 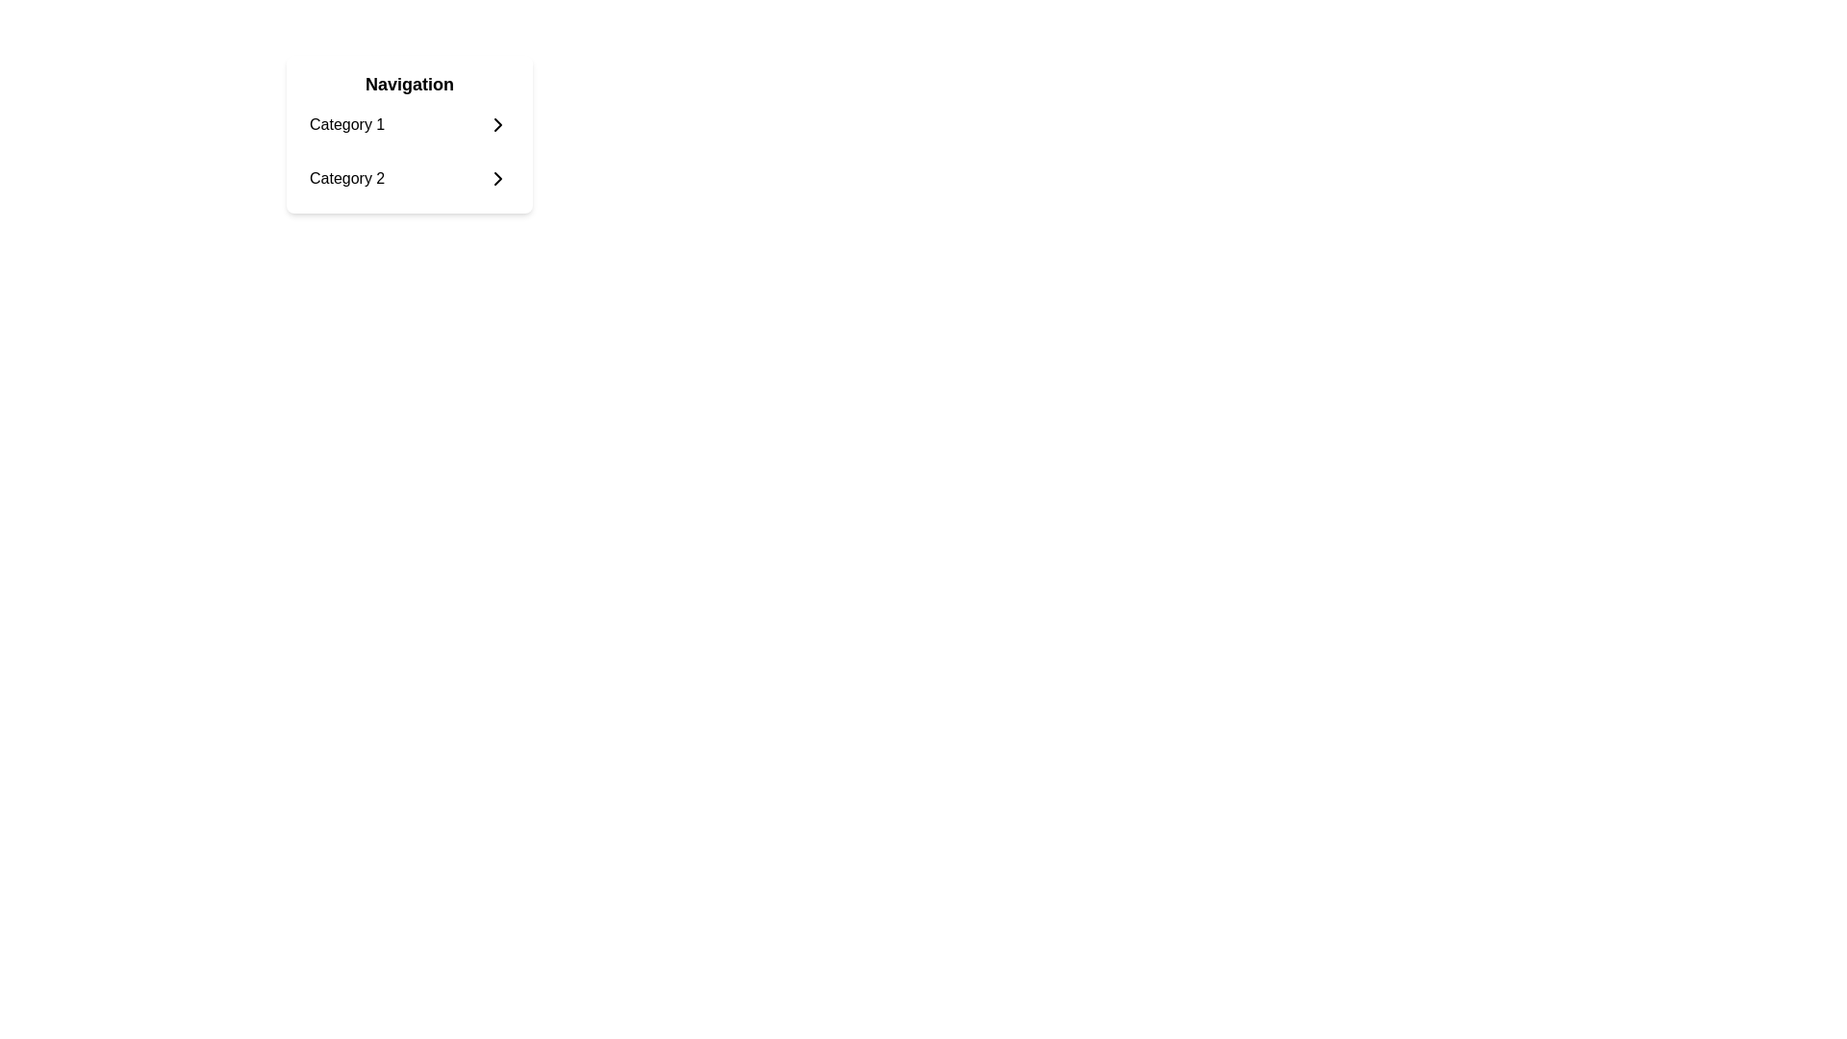 What do you see at coordinates (409, 125) in the screenshot?
I see `the first menu item in the navigation list labeled 'Category 1' located under the bold title 'Navigation'` at bounding box center [409, 125].